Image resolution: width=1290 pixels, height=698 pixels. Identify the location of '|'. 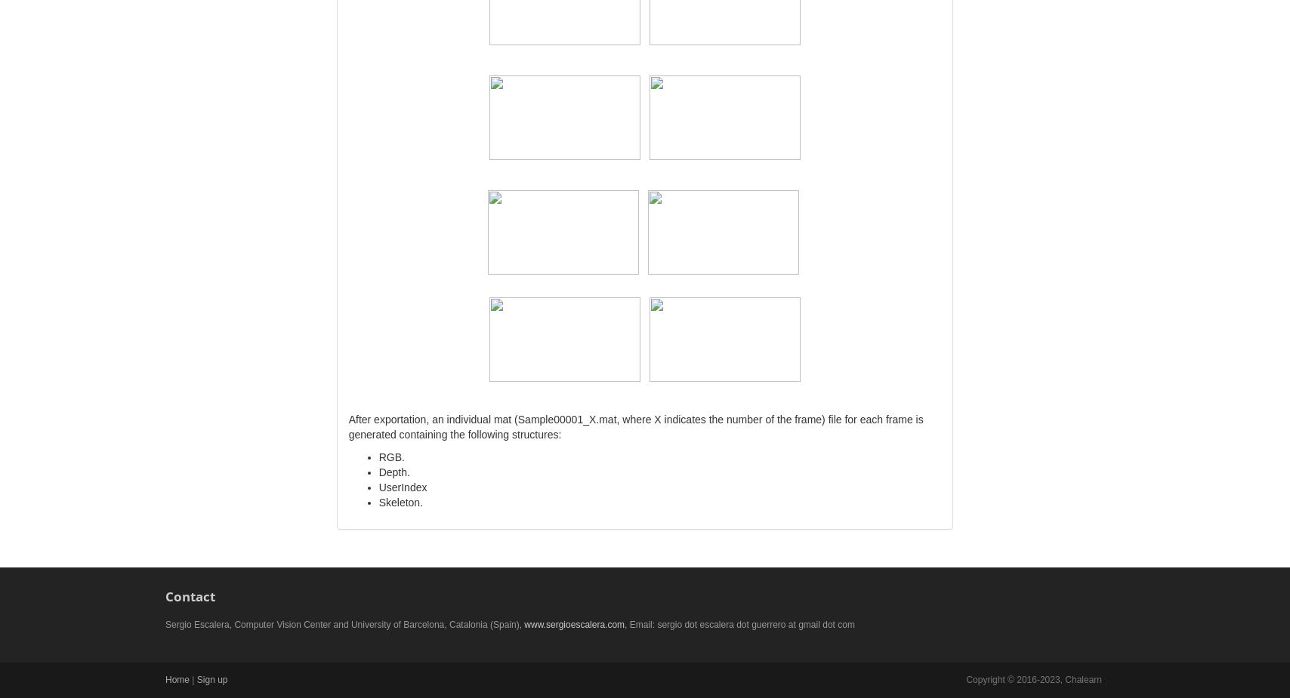
(190, 679).